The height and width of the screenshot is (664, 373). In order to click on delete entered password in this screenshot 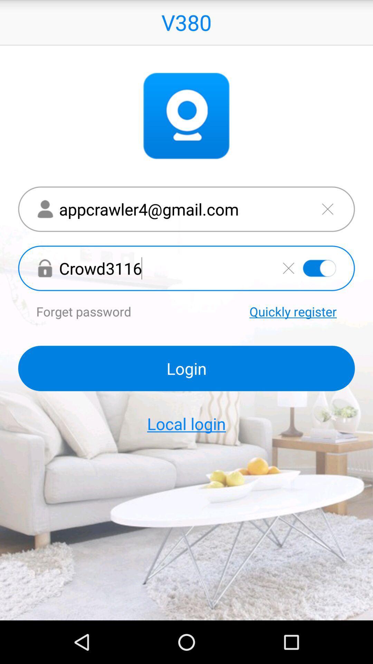, I will do `click(288, 268)`.